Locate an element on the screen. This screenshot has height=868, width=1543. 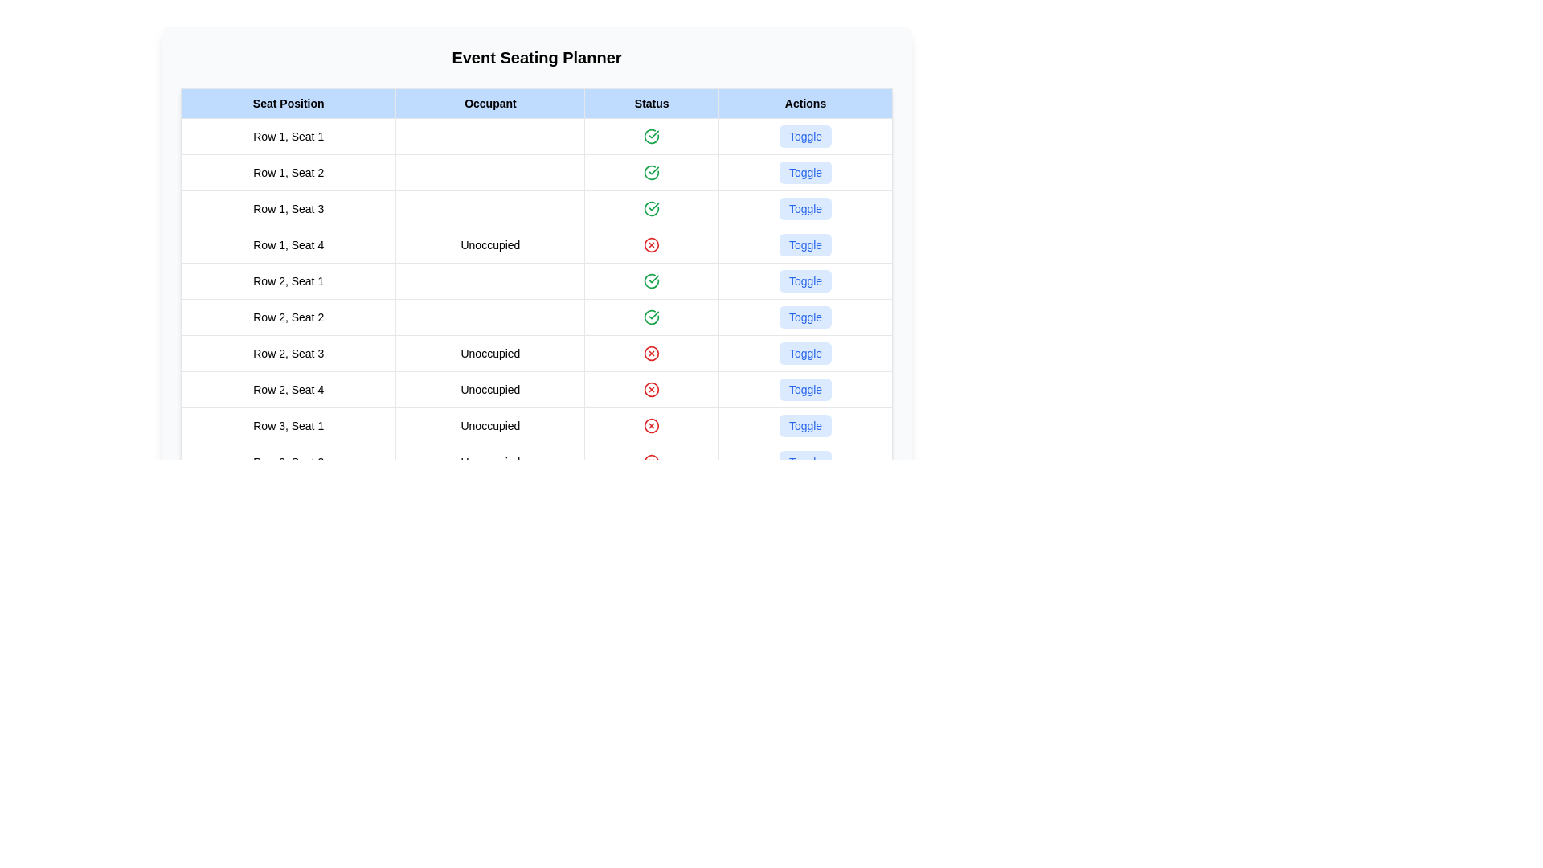
the Label indicating the occupancy status of a seat in the second row, third column of the seating planner is located at coordinates (489, 352).